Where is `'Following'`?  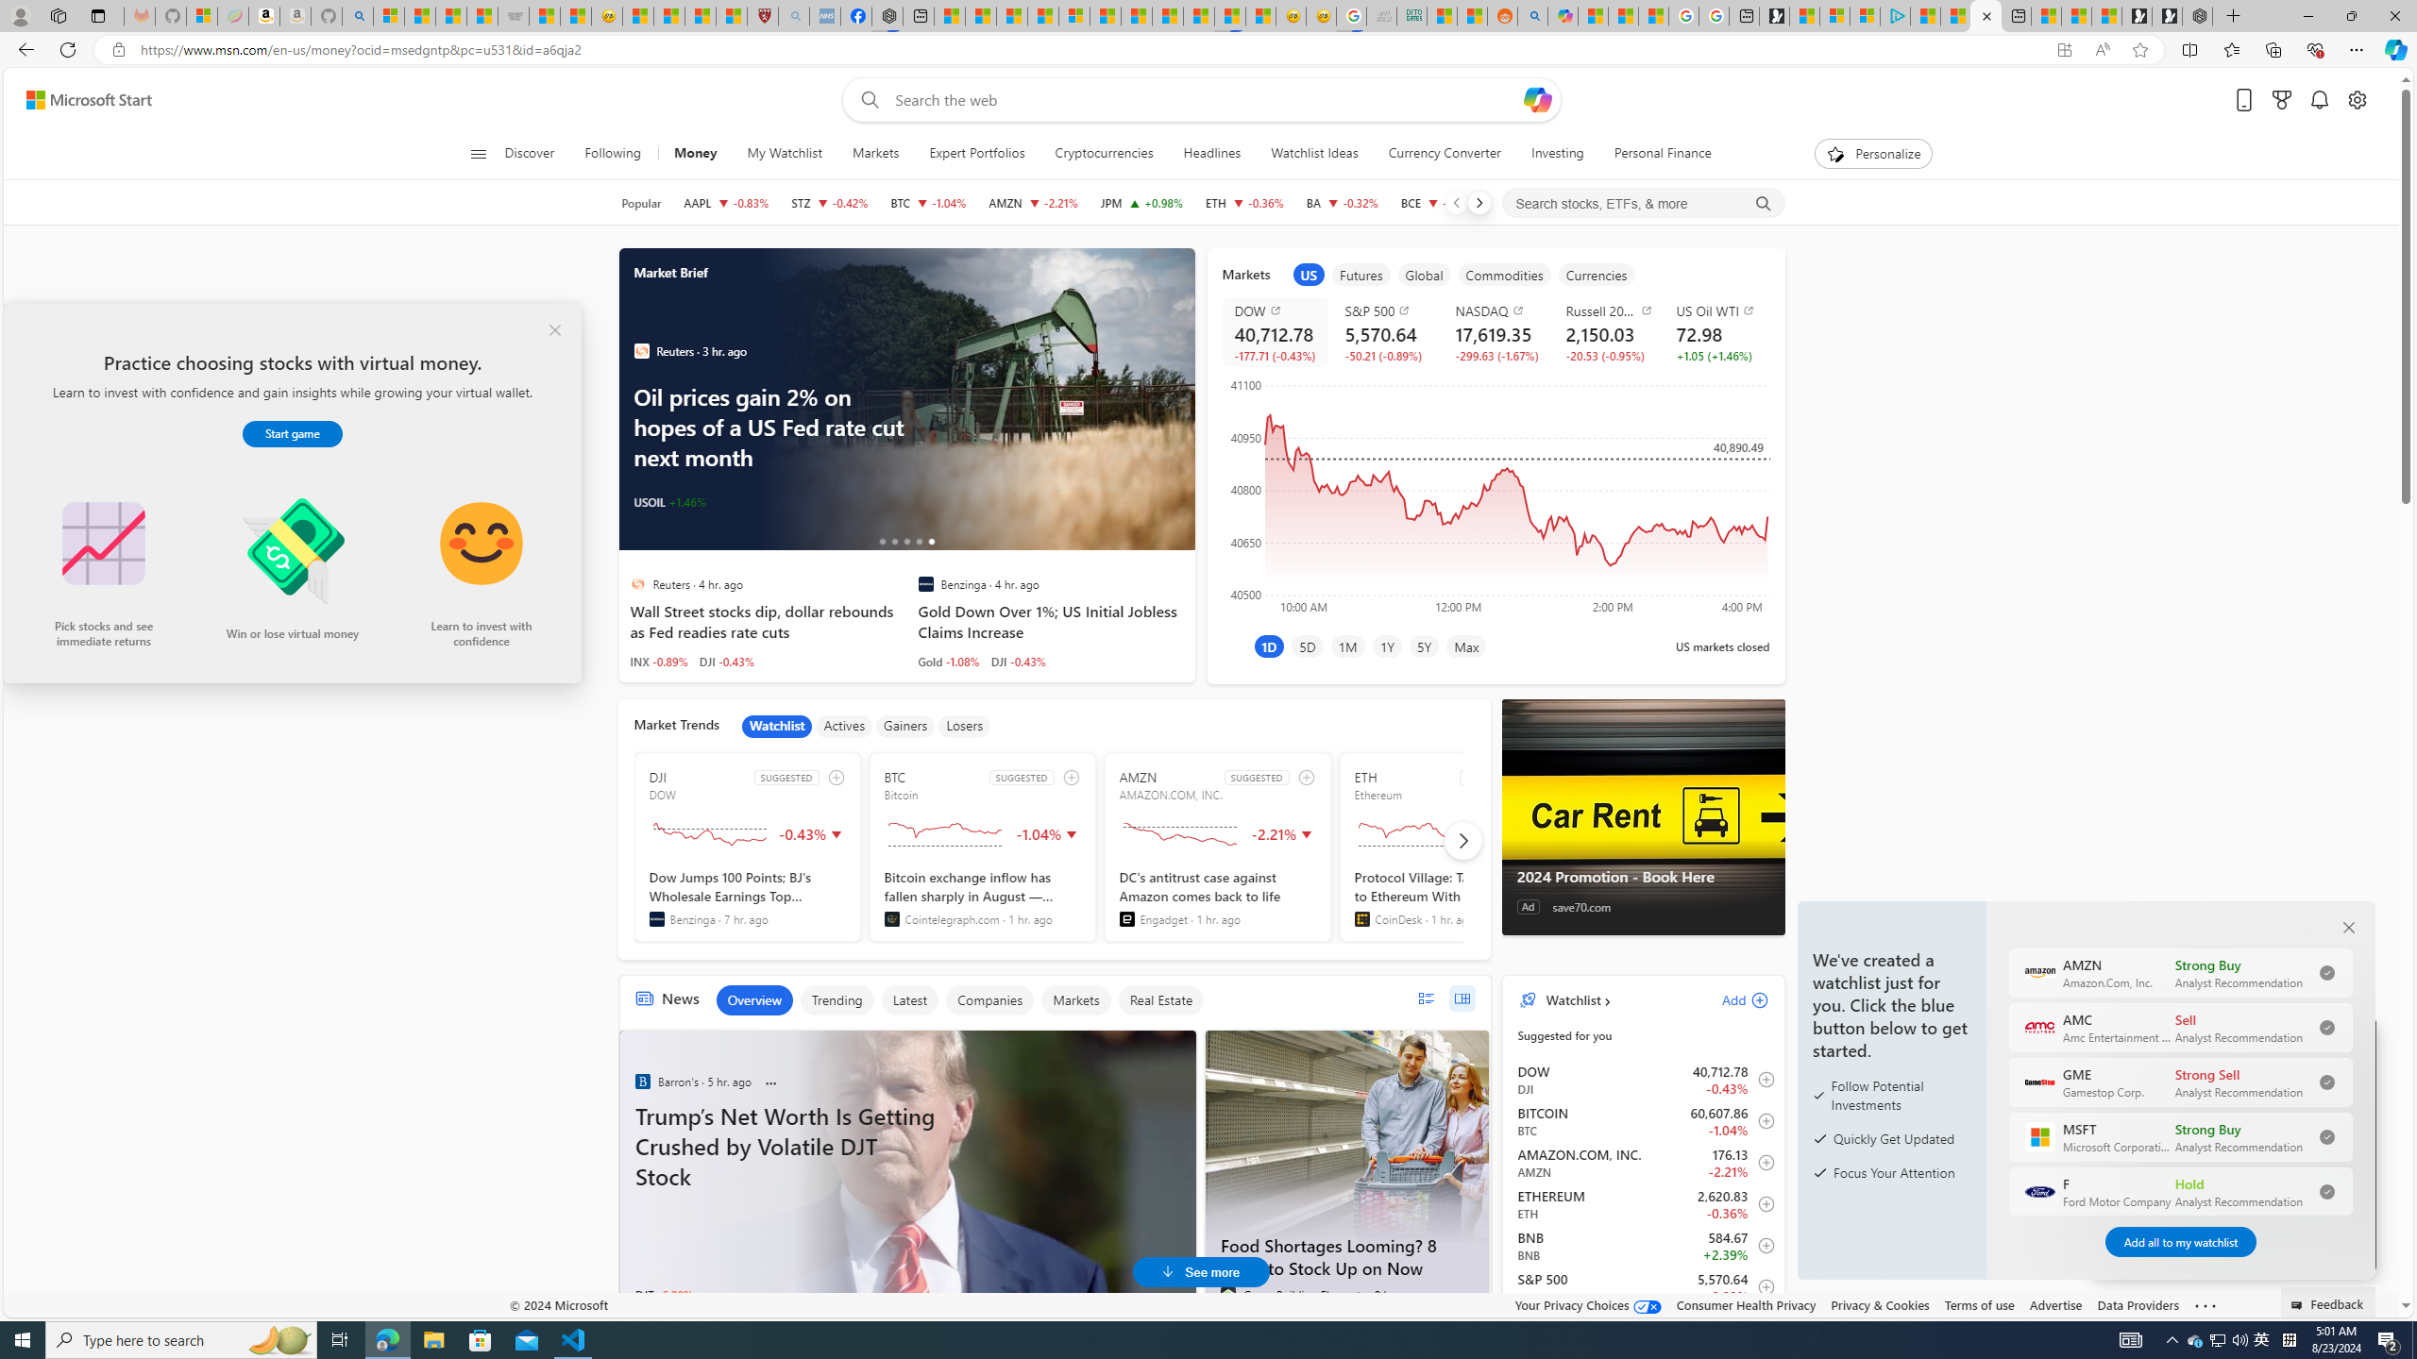 'Following' is located at coordinates (612, 153).